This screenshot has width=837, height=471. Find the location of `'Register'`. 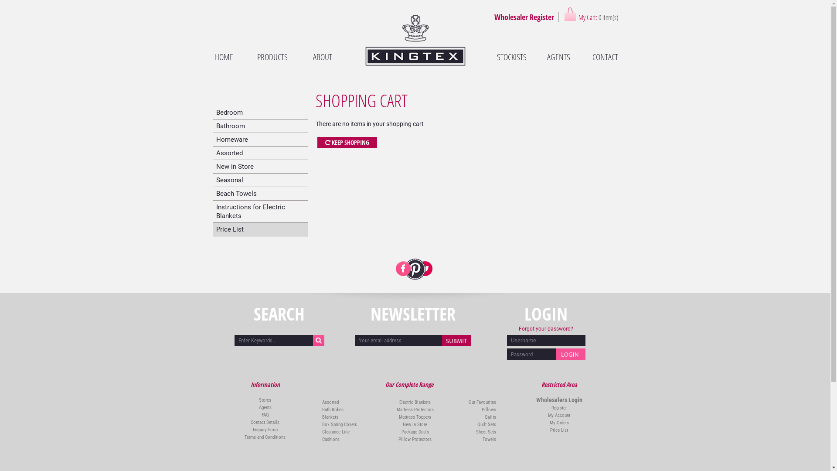

'Register' is located at coordinates (559, 408).